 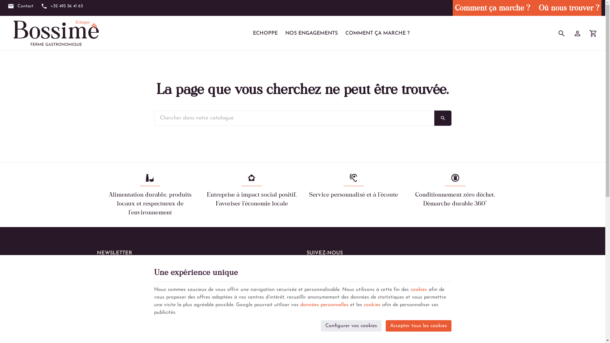 I want to click on 'Contact', so click(x=4, y=6).